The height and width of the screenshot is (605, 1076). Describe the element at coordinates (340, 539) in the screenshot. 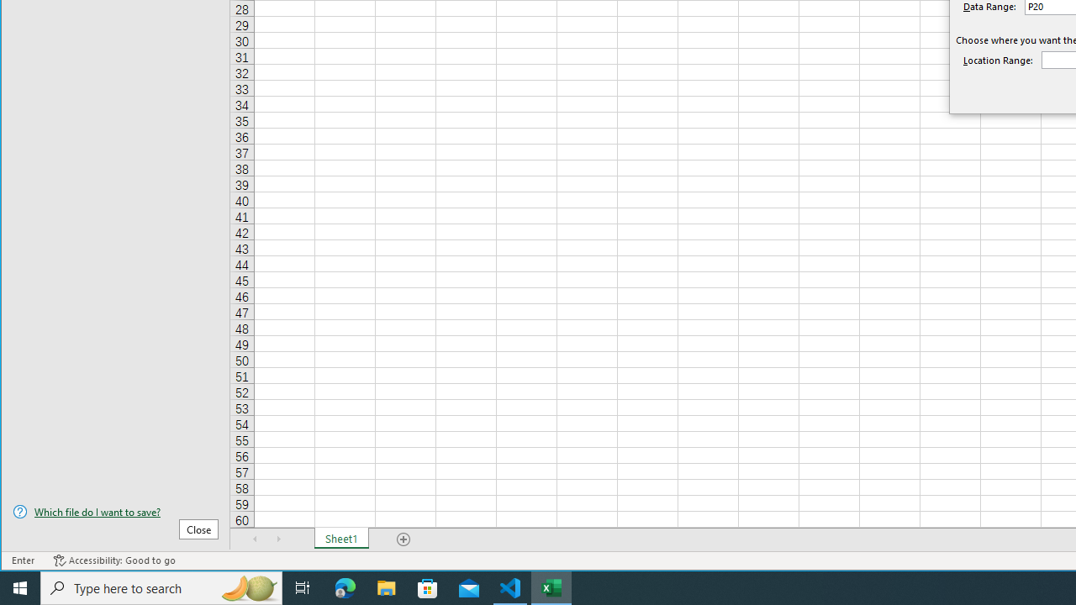

I see `'Sheet1'` at that location.